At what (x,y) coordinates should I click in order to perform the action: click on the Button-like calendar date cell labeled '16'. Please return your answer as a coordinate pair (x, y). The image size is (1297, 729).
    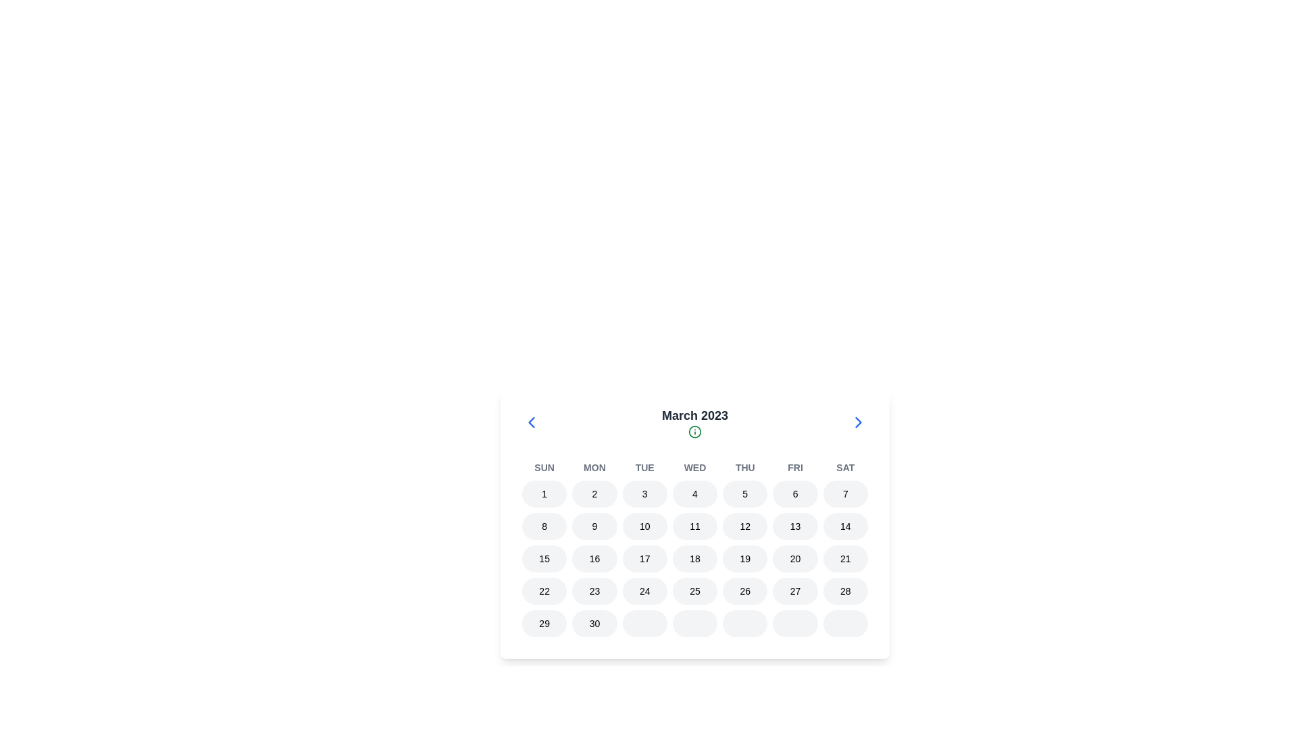
    Looking at the image, I should click on (594, 559).